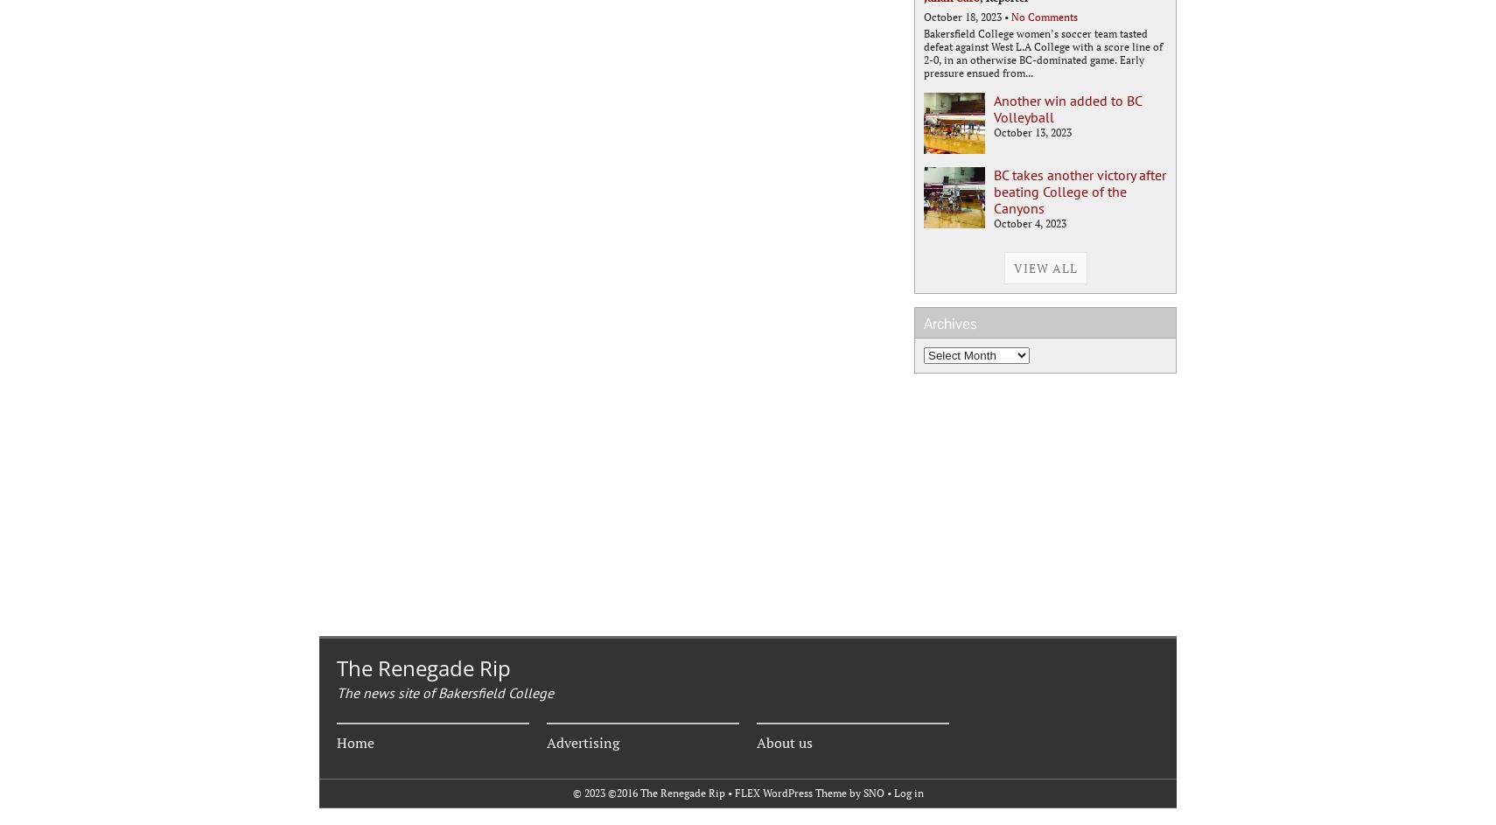  What do you see at coordinates (445, 692) in the screenshot?
I see `'The news site of Bakersfield College'` at bounding box center [445, 692].